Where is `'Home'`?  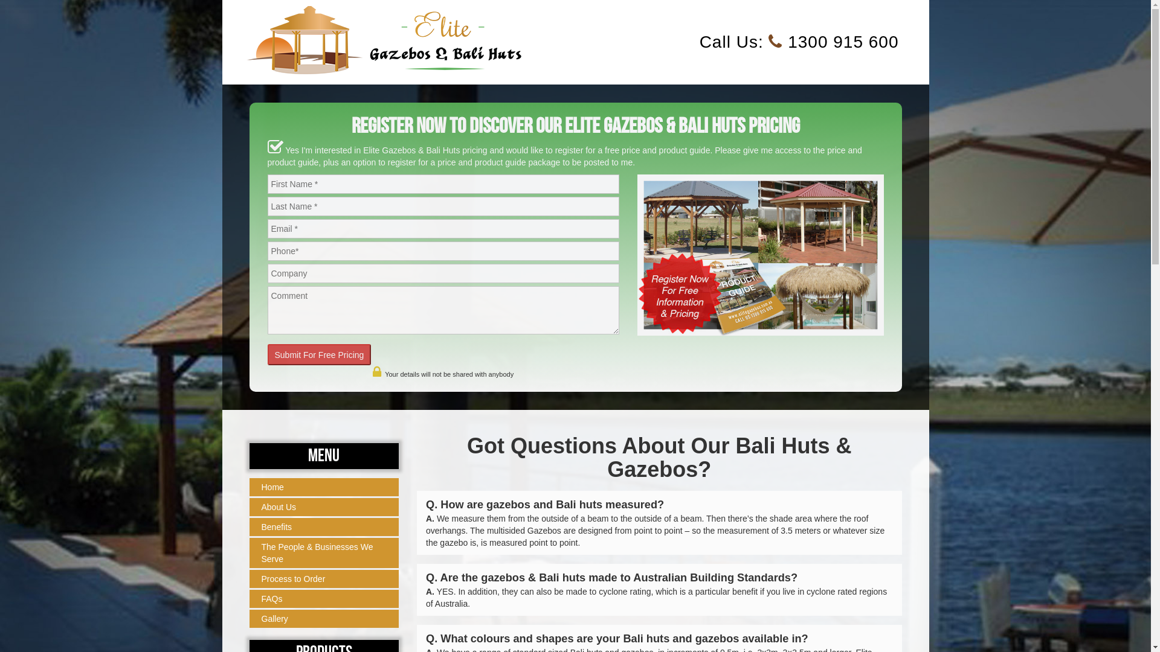 'Home' is located at coordinates (324, 486).